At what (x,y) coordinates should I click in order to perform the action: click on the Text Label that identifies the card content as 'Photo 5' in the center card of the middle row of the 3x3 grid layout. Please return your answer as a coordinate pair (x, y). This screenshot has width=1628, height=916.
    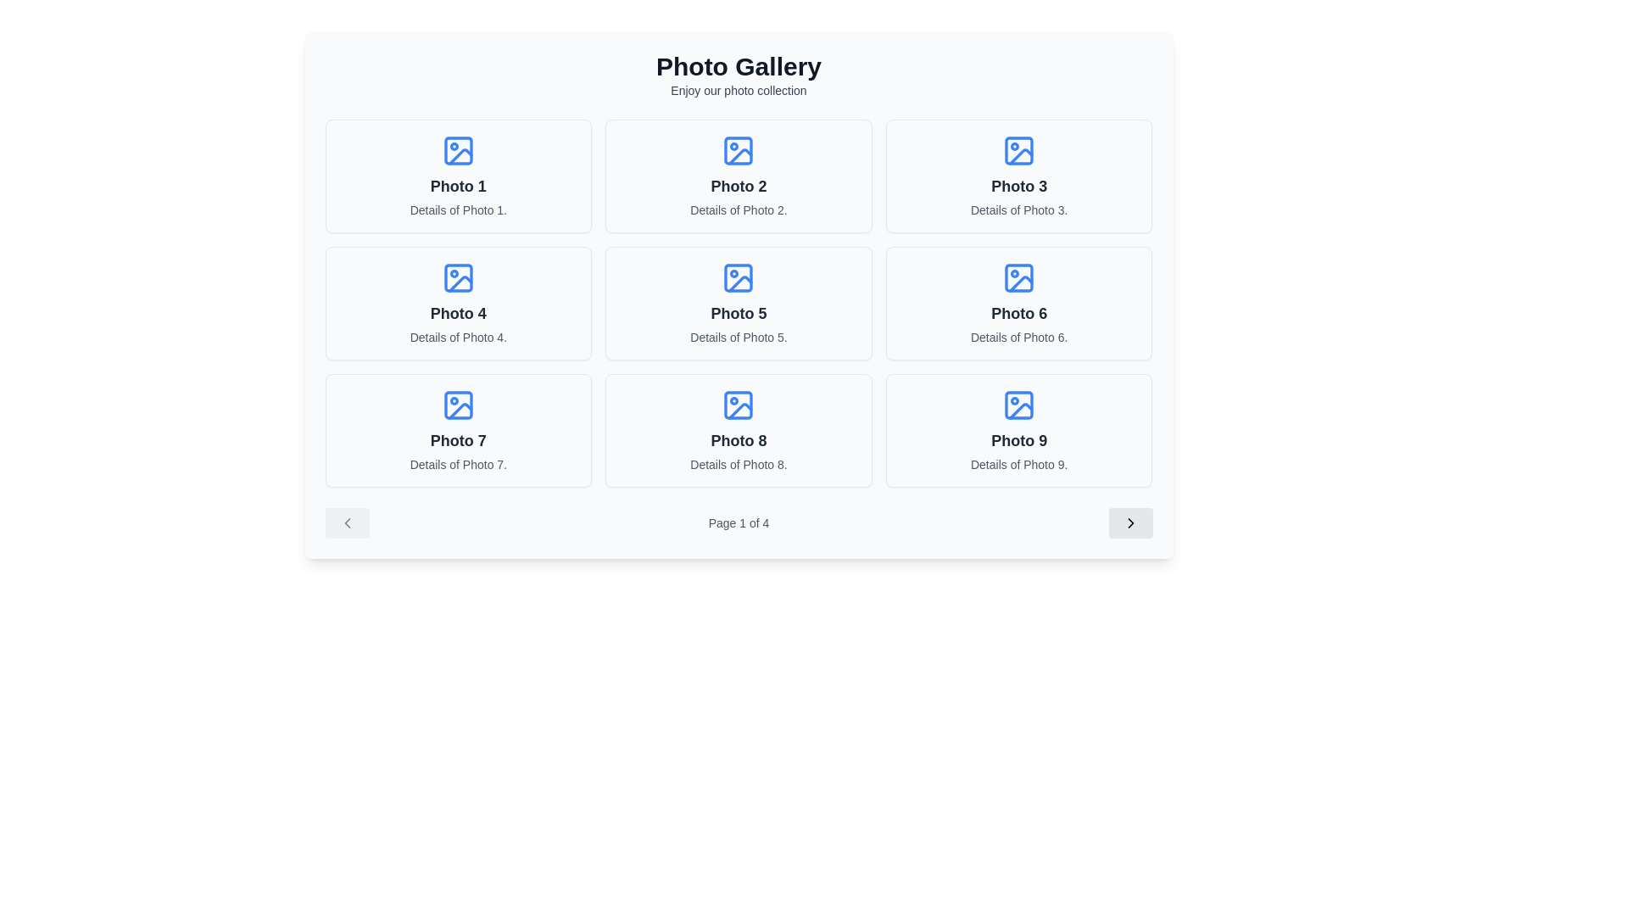
    Looking at the image, I should click on (739, 314).